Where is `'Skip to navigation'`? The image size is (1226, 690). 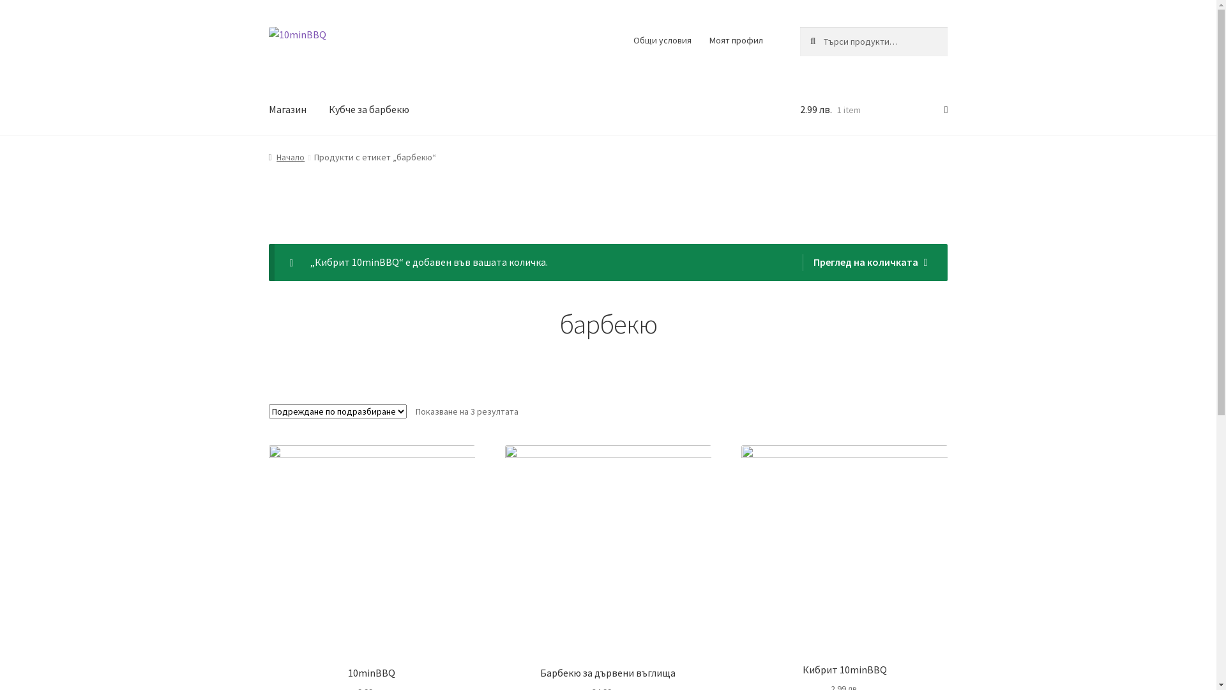
'Skip to navigation' is located at coordinates (268, 26).